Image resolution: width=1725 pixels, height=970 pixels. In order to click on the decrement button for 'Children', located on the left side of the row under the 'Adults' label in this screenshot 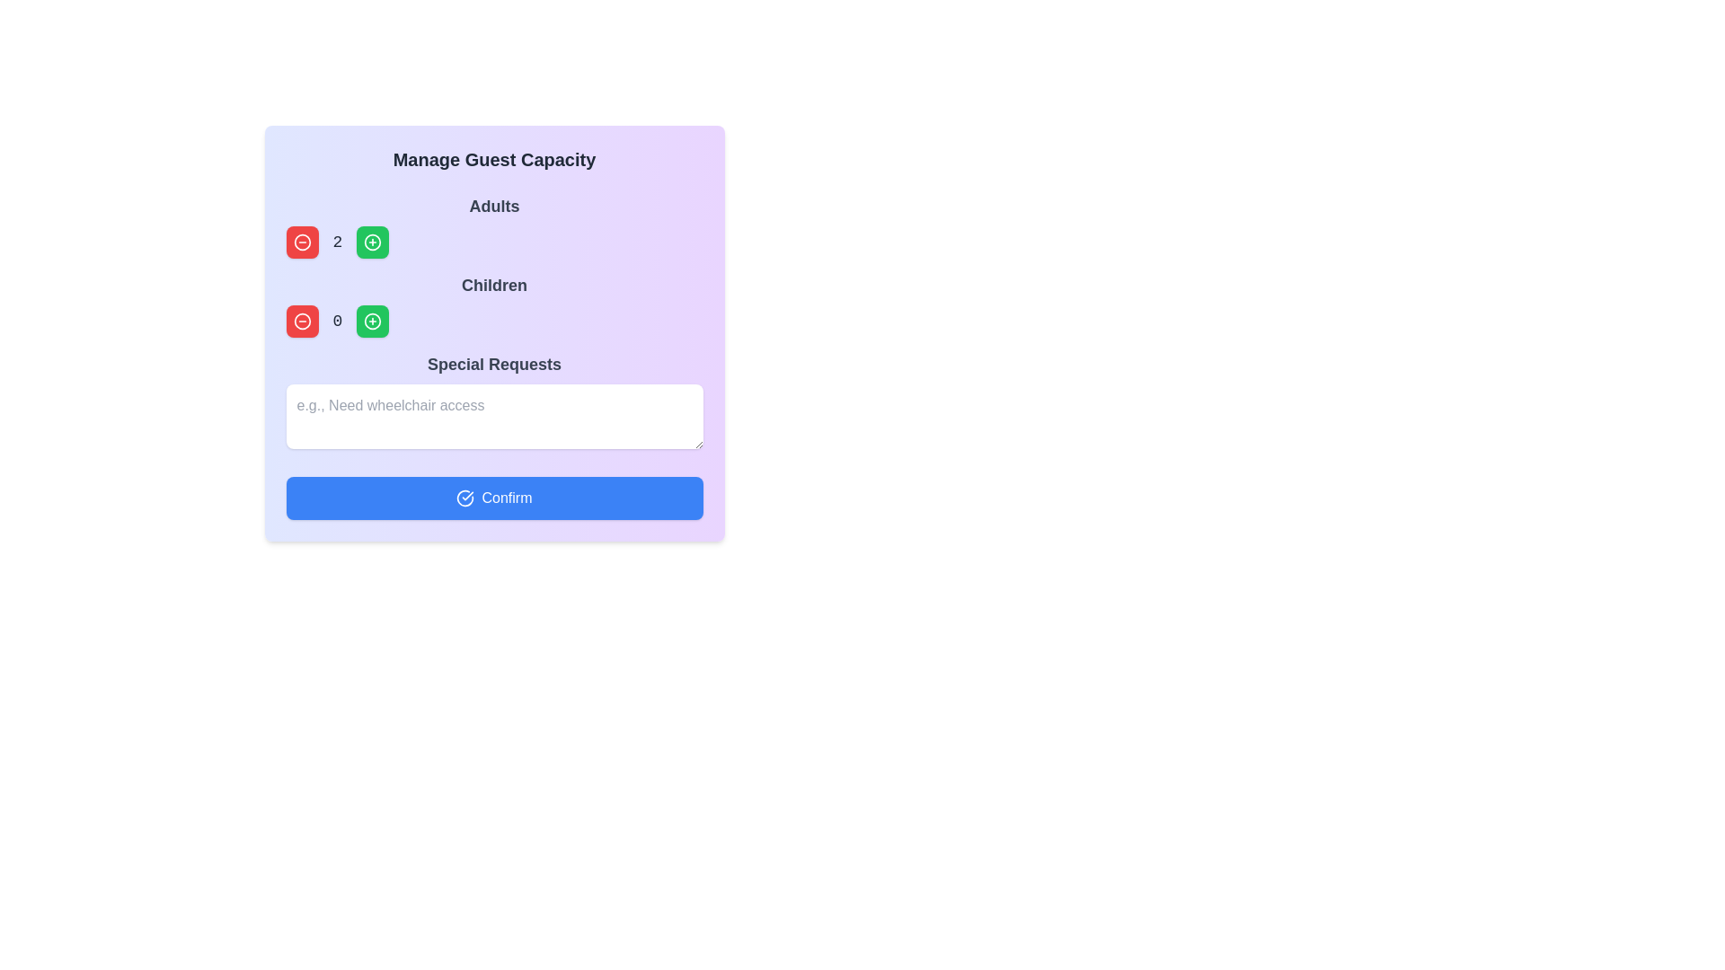, I will do `click(302, 321)`.